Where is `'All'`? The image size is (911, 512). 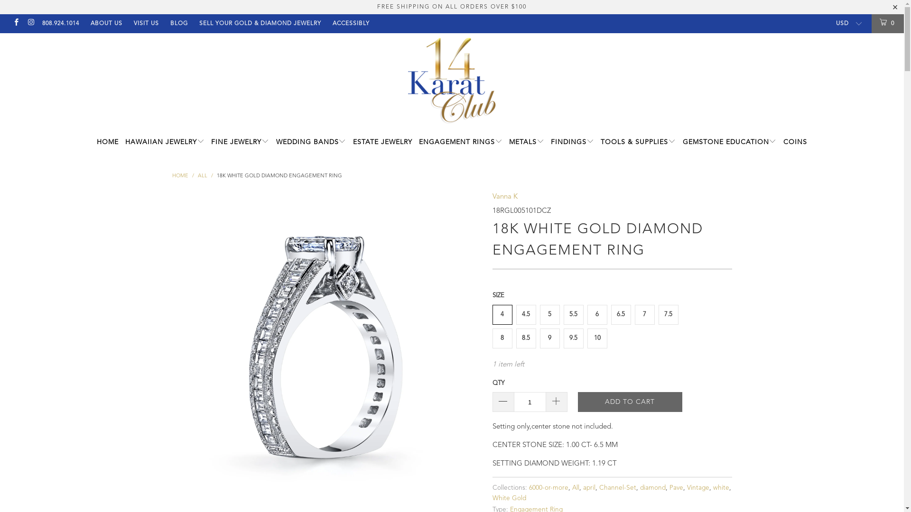
'All' is located at coordinates (575, 488).